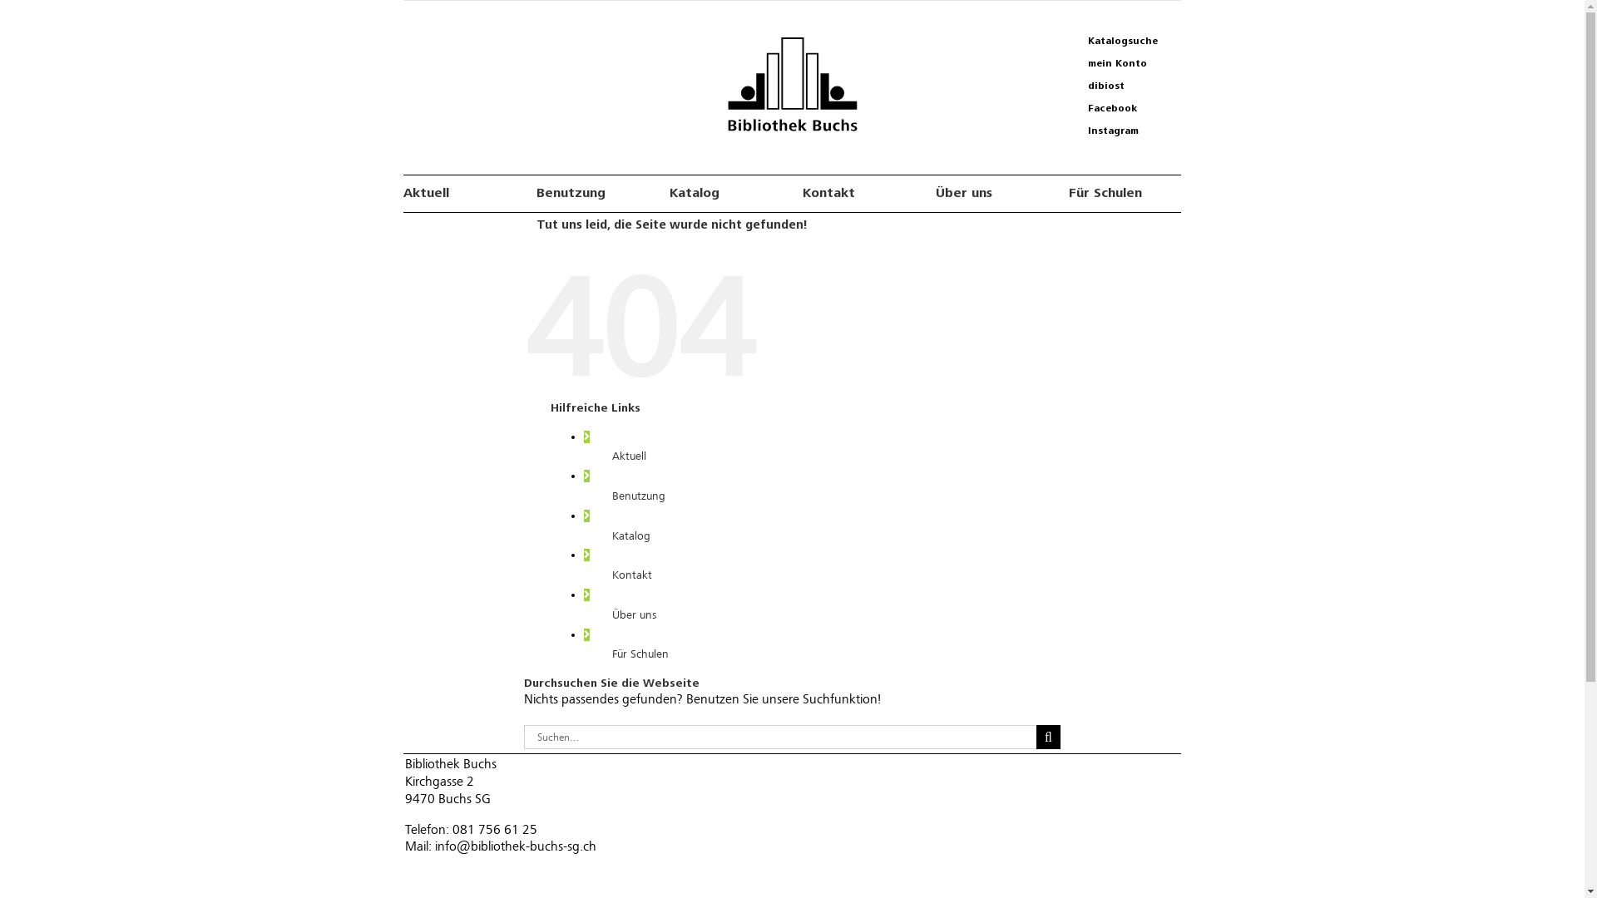  Describe the element at coordinates (1122, 109) in the screenshot. I see `'Facebook'` at that location.